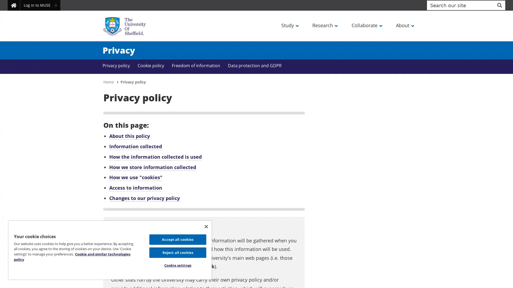 This screenshot has width=513, height=288. I want to click on Cookie settings, so click(177, 265).